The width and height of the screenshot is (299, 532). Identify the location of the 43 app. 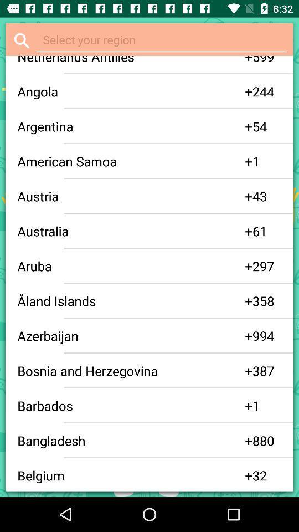
(266, 196).